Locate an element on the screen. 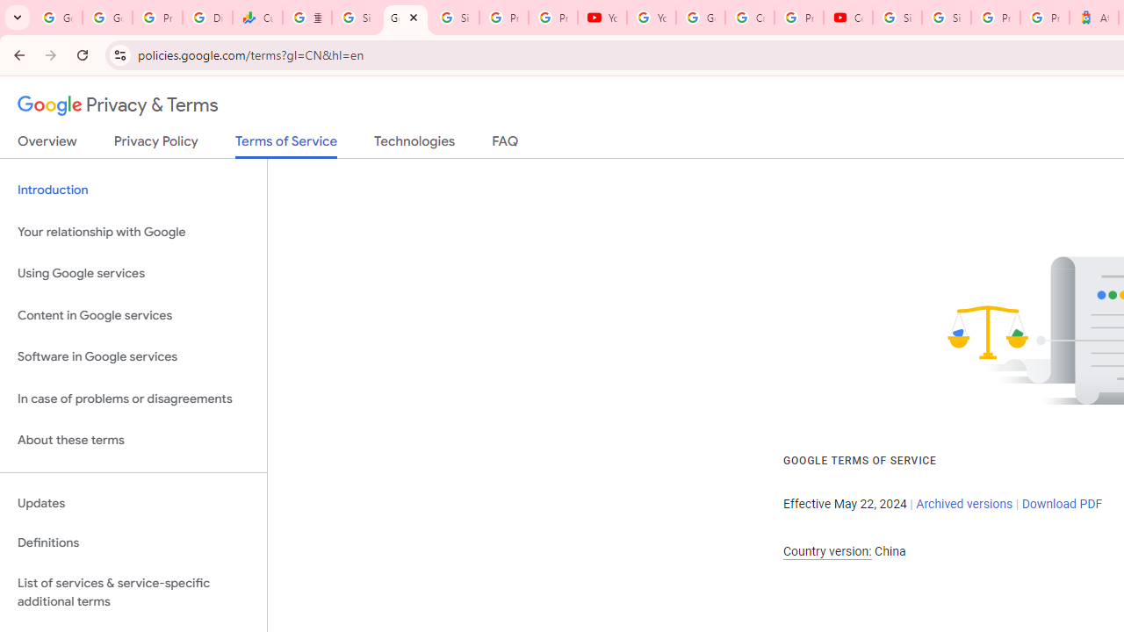 The height and width of the screenshot is (632, 1124). 'Technologies' is located at coordinates (414, 144).